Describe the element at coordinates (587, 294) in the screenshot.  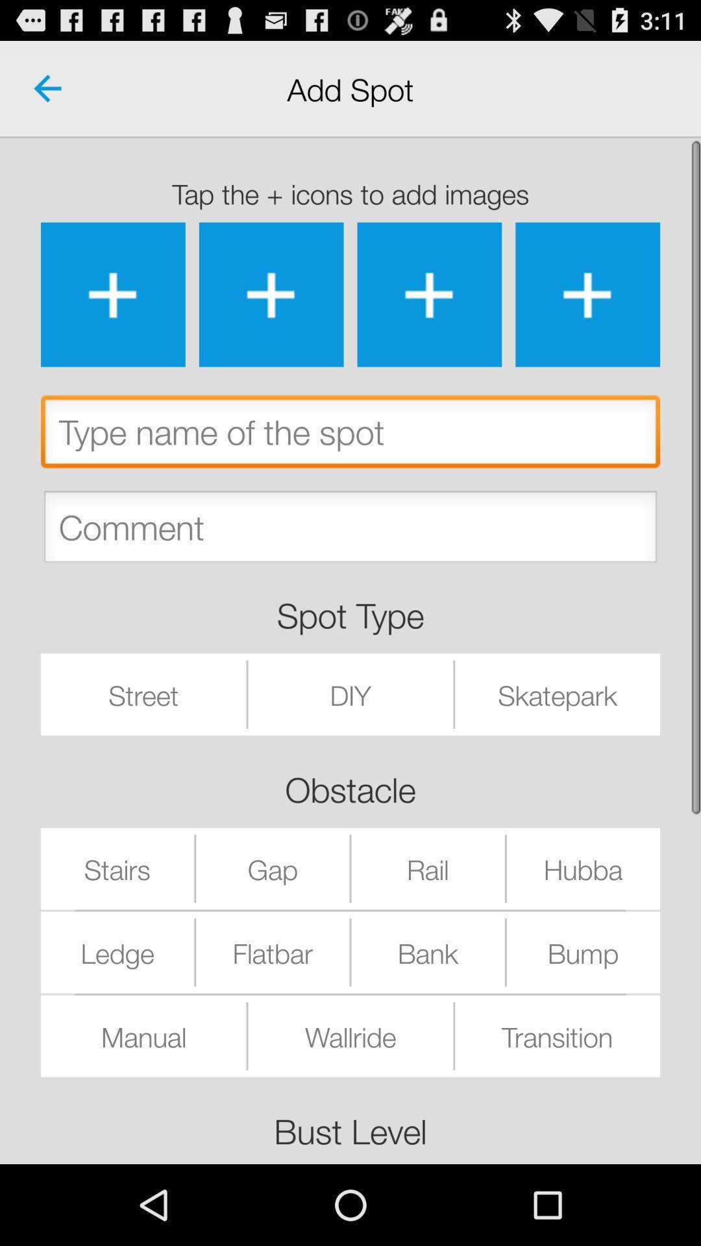
I see `image` at that location.